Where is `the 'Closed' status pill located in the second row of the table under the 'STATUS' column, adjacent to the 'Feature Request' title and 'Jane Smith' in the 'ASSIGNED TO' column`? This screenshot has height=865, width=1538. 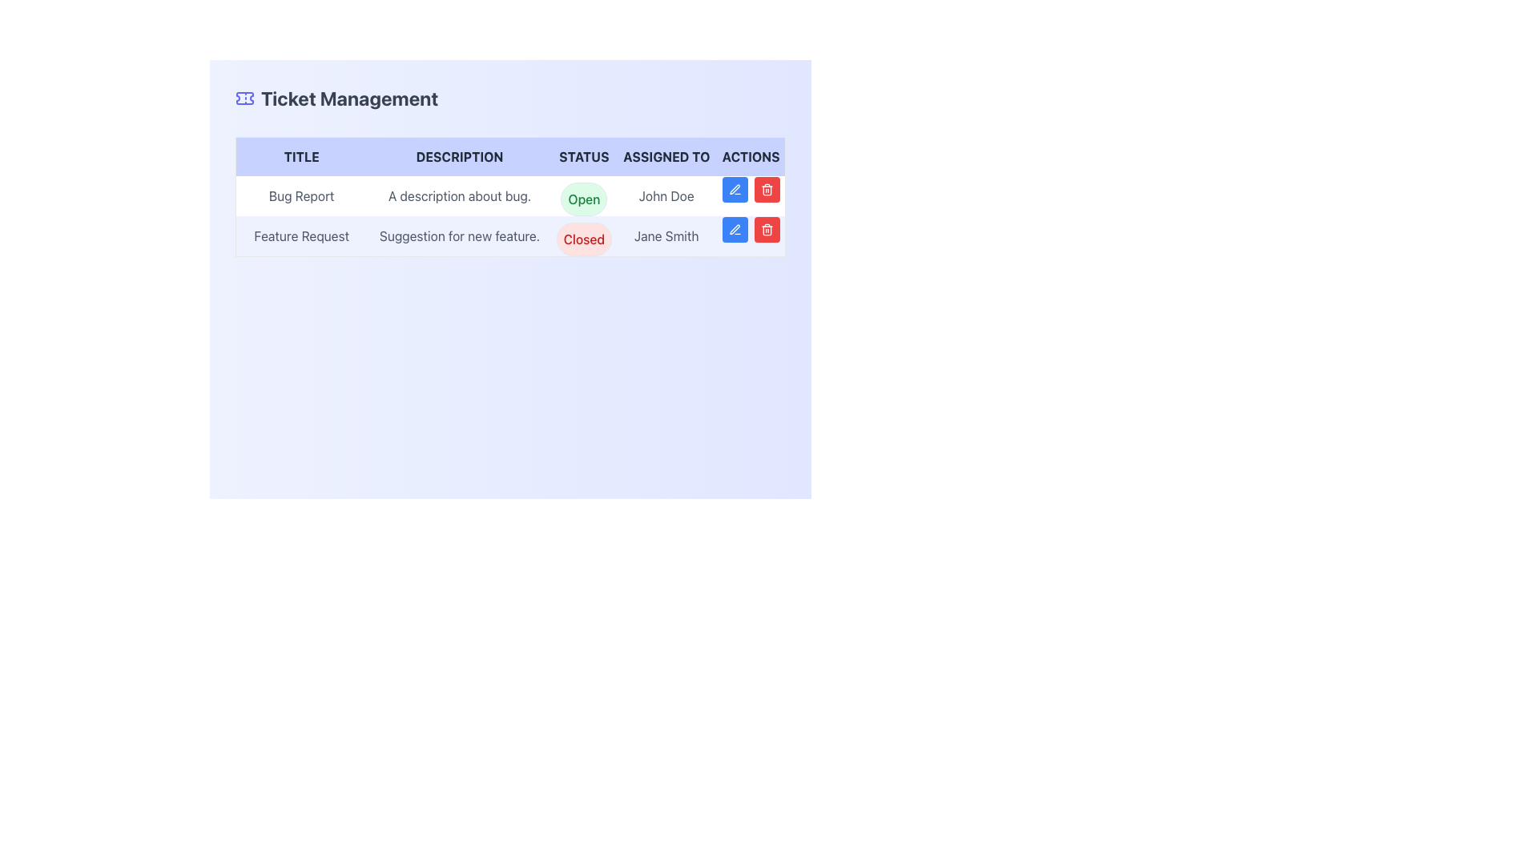
the 'Closed' status pill located in the second row of the table under the 'STATUS' column, adjacent to the 'Feature Request' title and 'Jane Smith' in the 'ASSIGNED TO' column is located at coordinates (583, 239).